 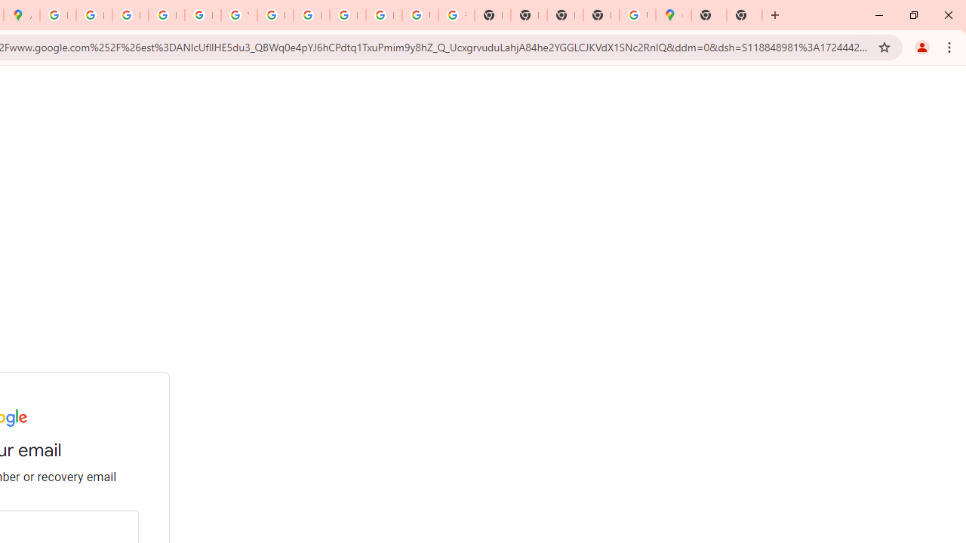 What do you see at coordinates (708, 15) in the screenshot?
I see `'New Tab'` at bounding box center [708, 15].